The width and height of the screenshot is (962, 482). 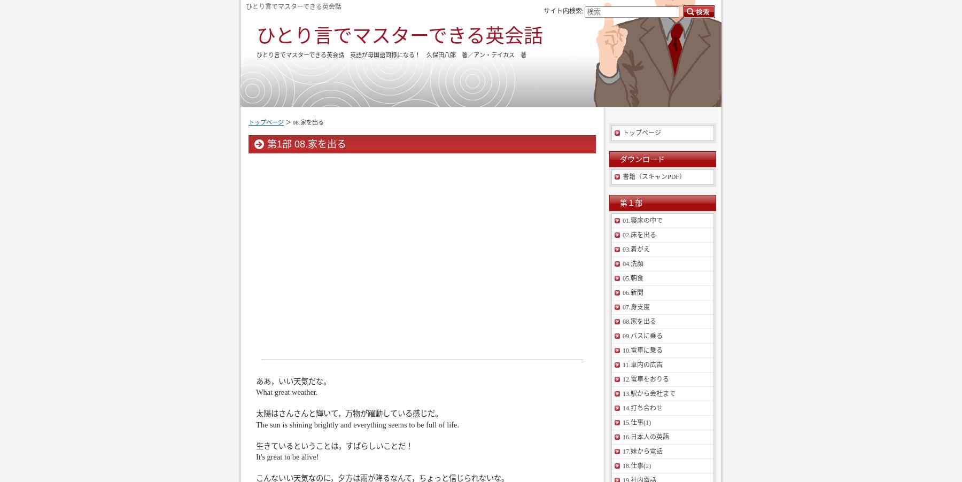 What do you see at coordinates (642, 335) in the screenshot?
I see `'09.バスに乗る'` at bounding box center [642, 335].